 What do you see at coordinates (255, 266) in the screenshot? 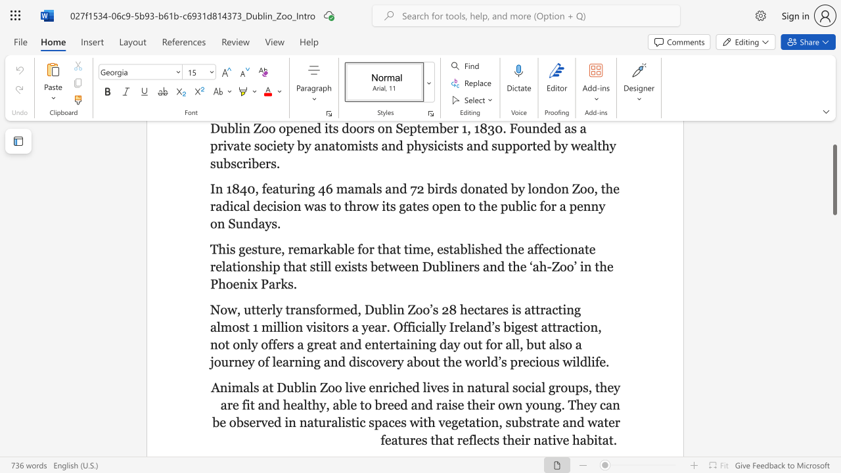
I see `the subset text "ship that still e" within the text "This gesture, remarkable for that time, established the affectionate relationship that still exists between Dubliners and the ‘ah-Zoo’ in the Phoenix Parks."` at bounding box center [255, 266].